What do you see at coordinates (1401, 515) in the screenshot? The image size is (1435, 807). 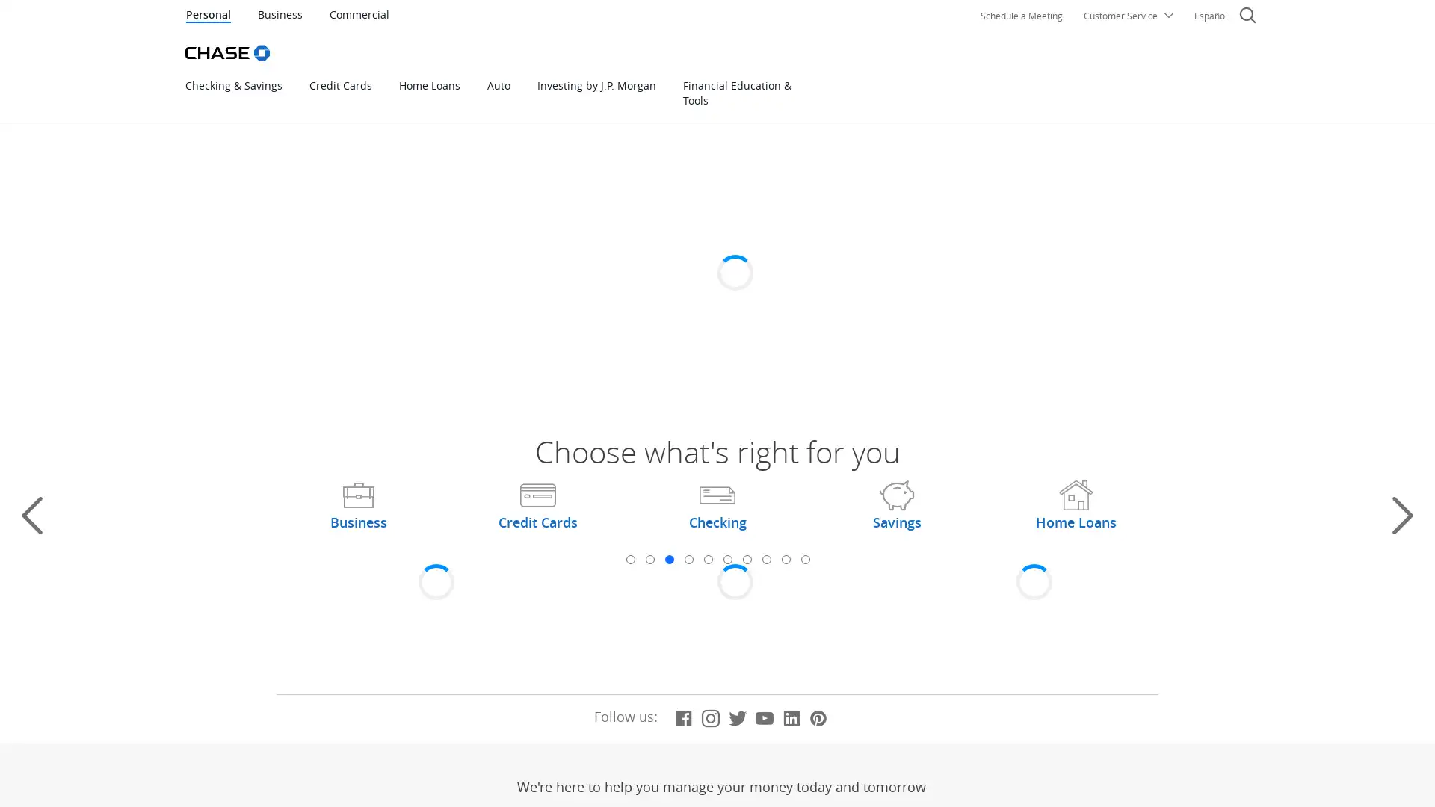 I see `Next slide` at bounding box center [1401, 515].